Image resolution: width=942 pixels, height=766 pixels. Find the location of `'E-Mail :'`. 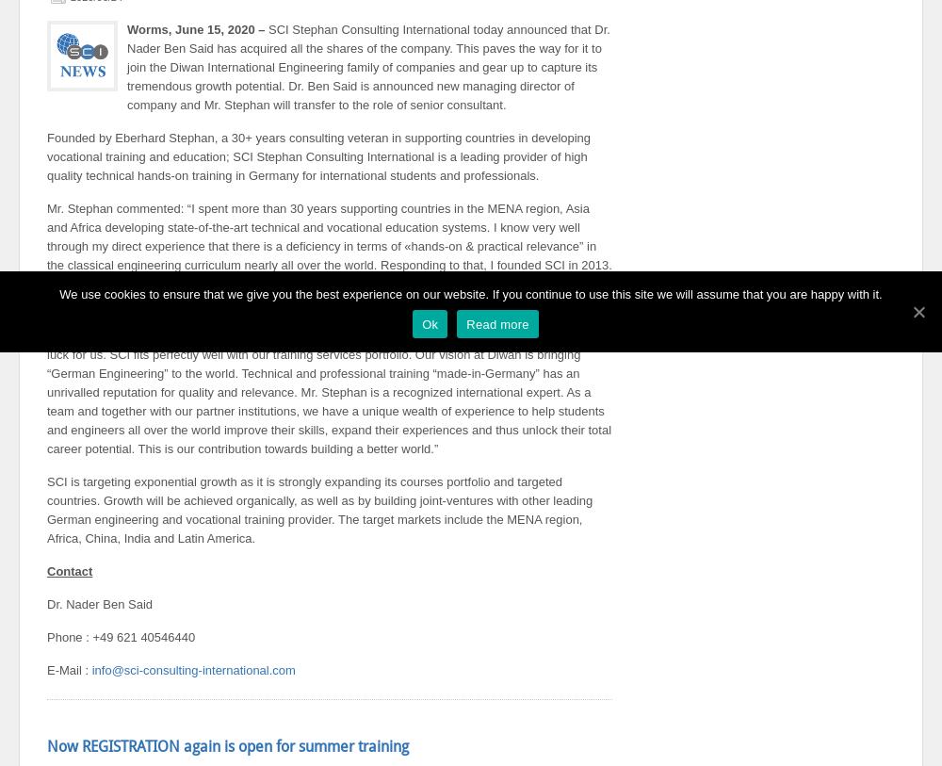

'E-Mail :' is located at coordinates (68, 670).